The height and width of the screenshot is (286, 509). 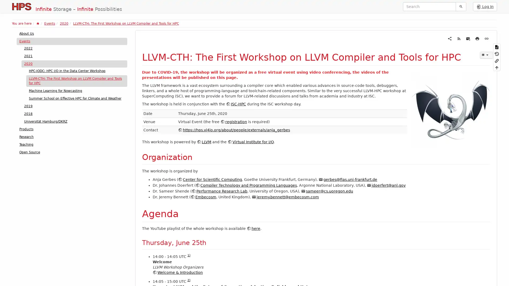 I want to click on Search, so click(x=460, y=6).